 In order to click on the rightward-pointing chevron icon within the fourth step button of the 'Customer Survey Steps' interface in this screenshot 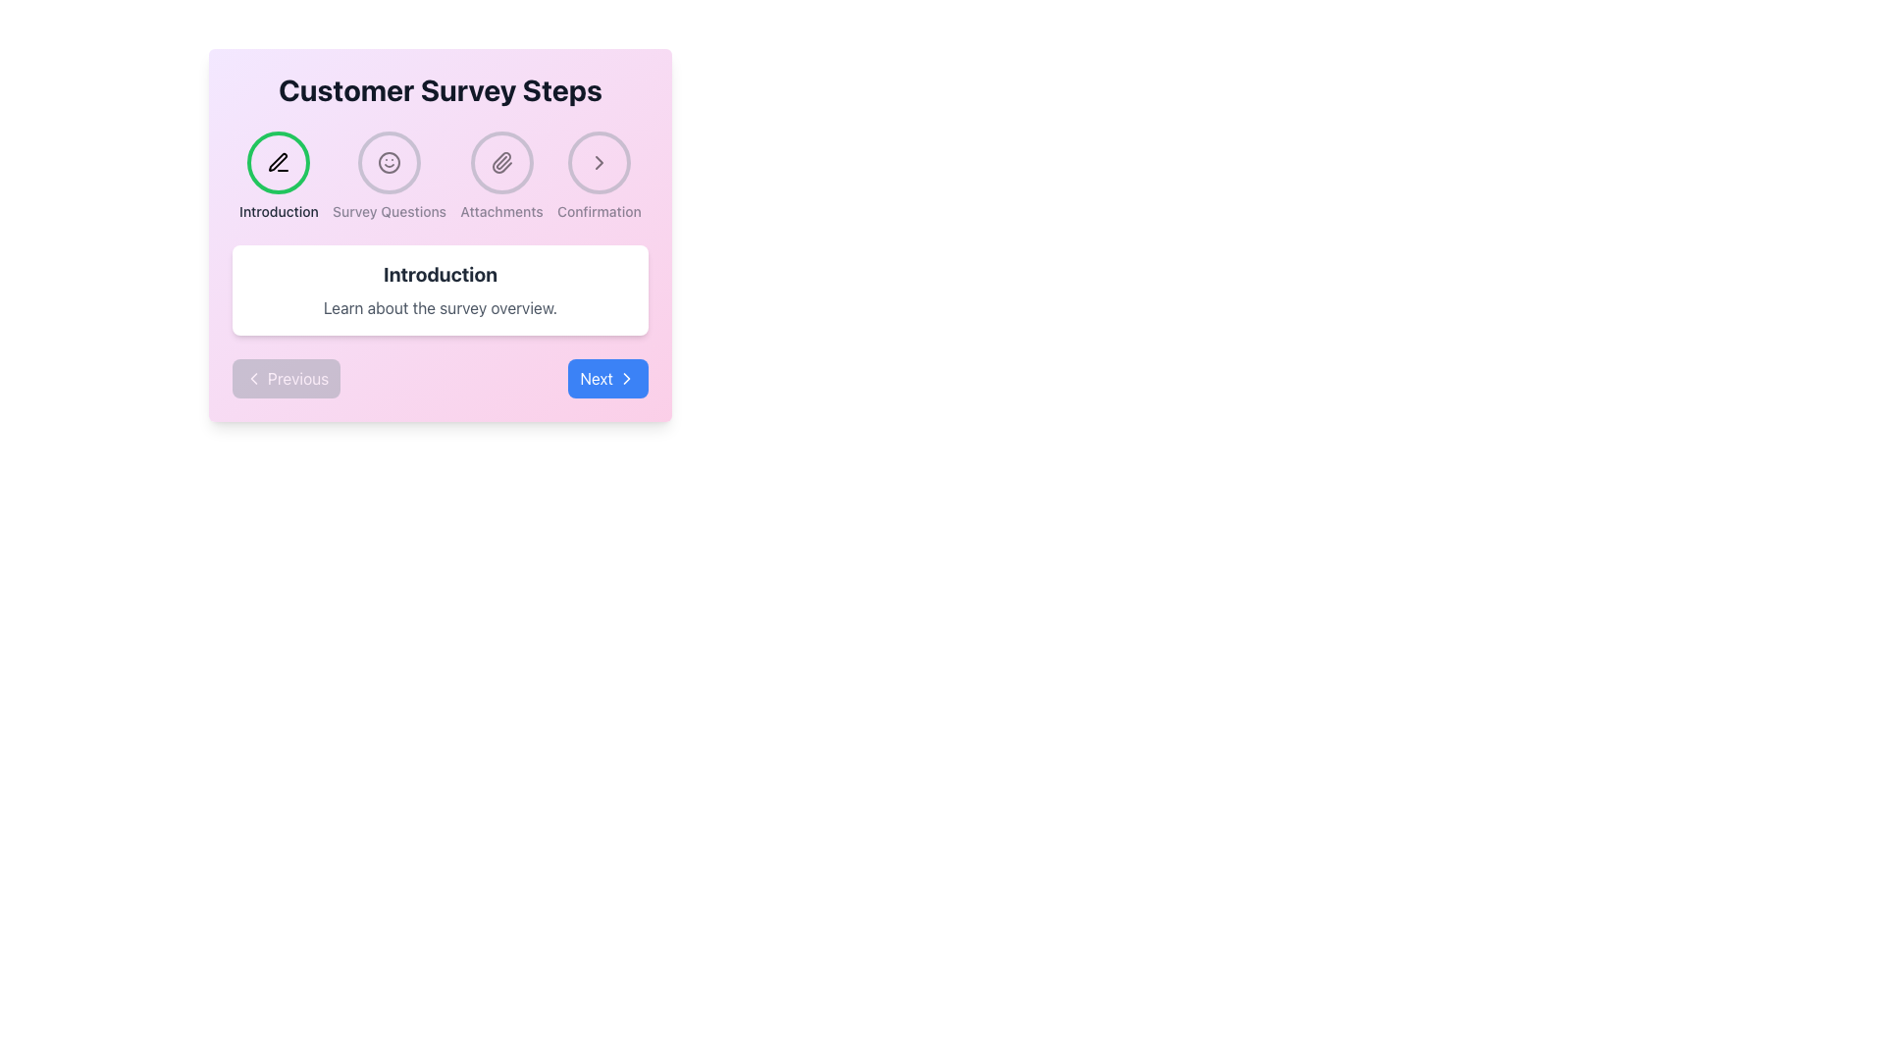, I will do `click(598, 161)`.